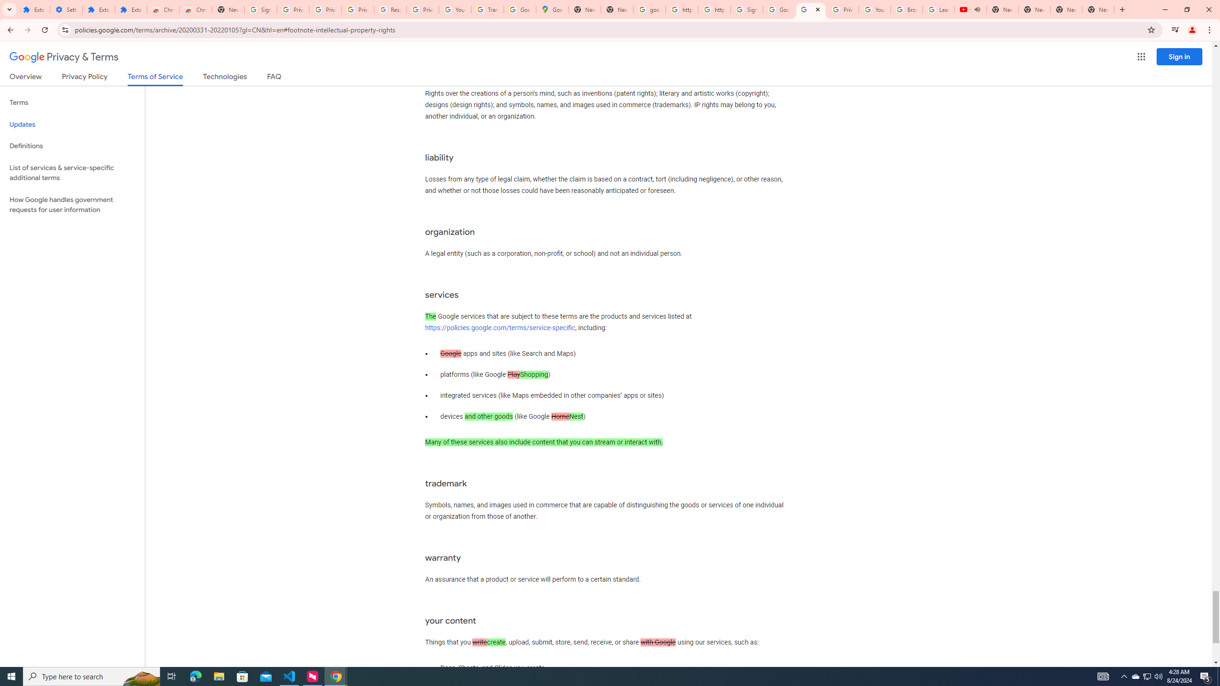  Describe the element at coordinates (33, 9) in the screenshot. I see `'Extensions'` at that location.